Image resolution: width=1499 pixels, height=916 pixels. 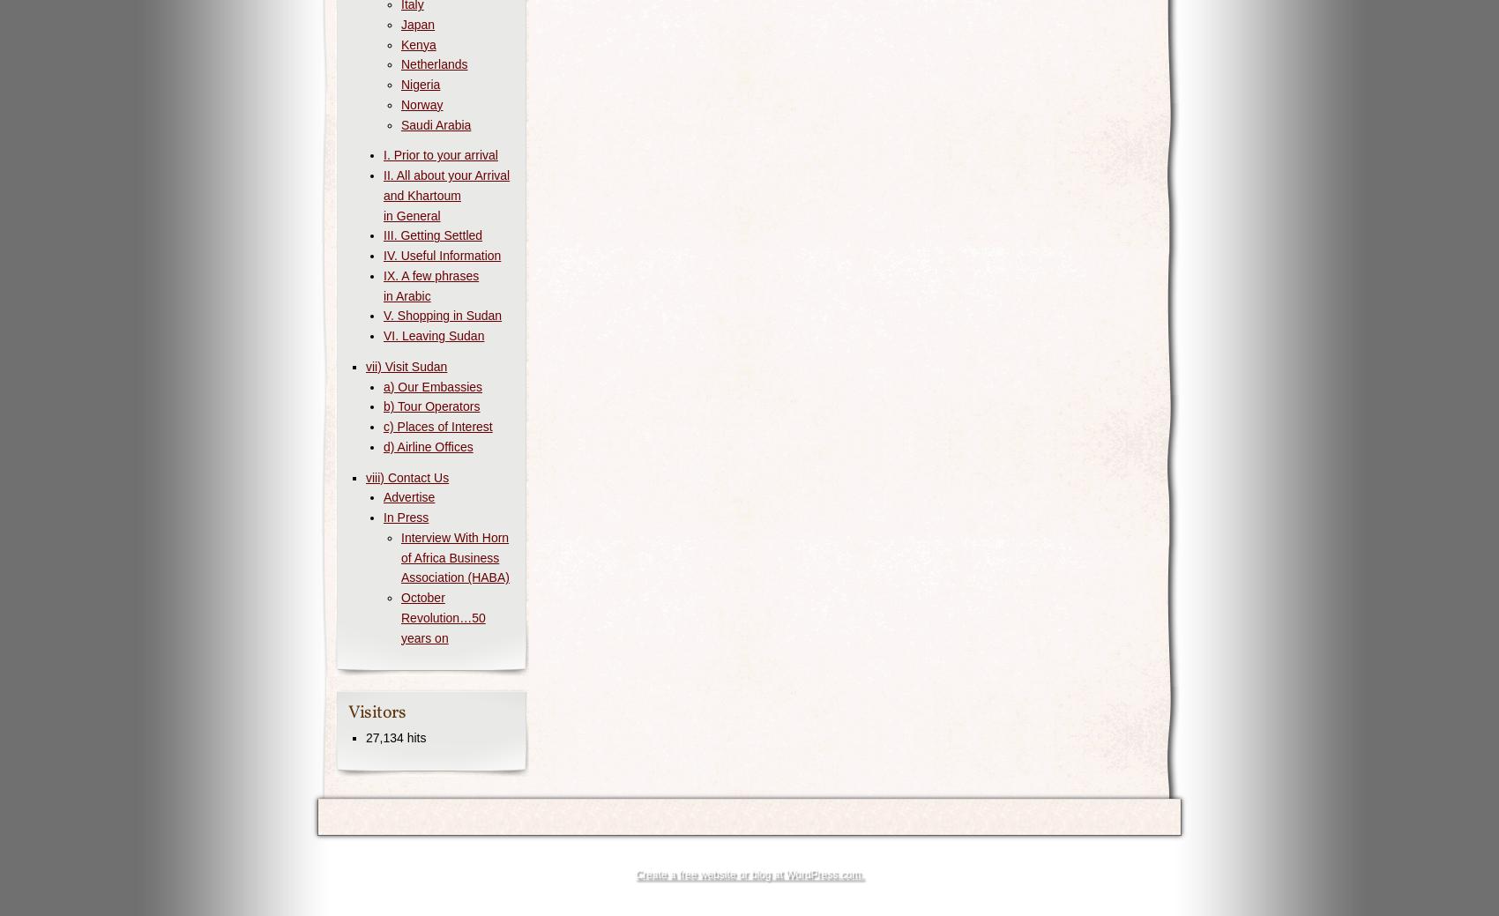 I want to click on 'Norway', so click(x=421, y=103).